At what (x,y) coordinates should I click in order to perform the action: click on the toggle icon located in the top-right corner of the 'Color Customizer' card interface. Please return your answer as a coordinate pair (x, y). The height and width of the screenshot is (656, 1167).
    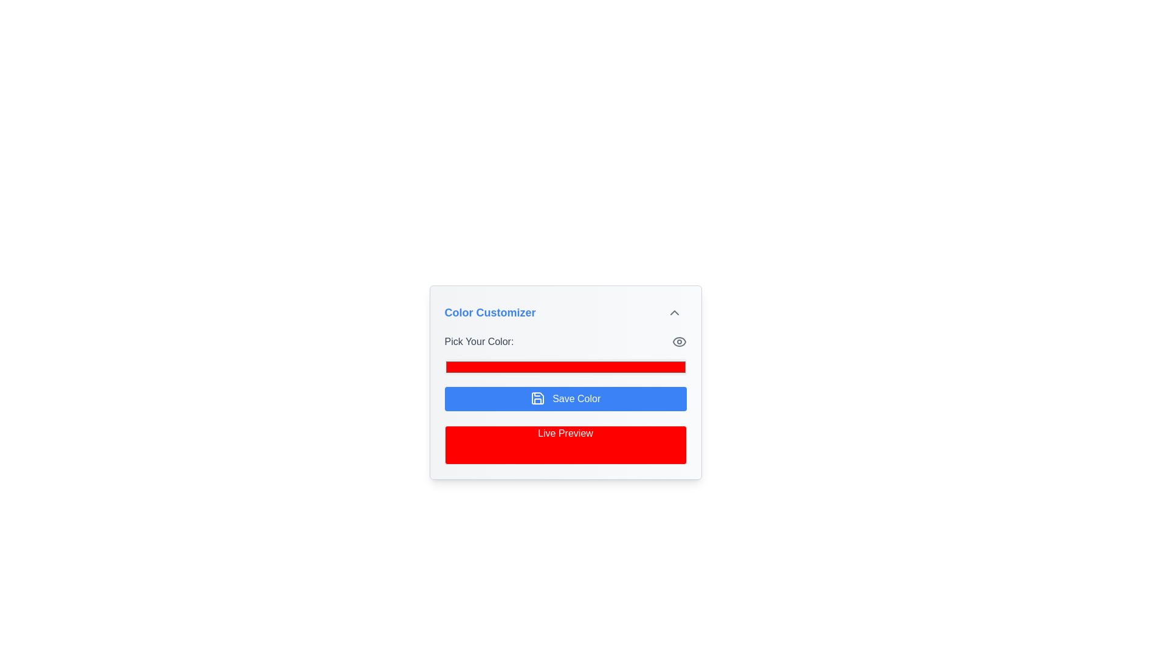
    Looking at the image, I should click on (673, 312).